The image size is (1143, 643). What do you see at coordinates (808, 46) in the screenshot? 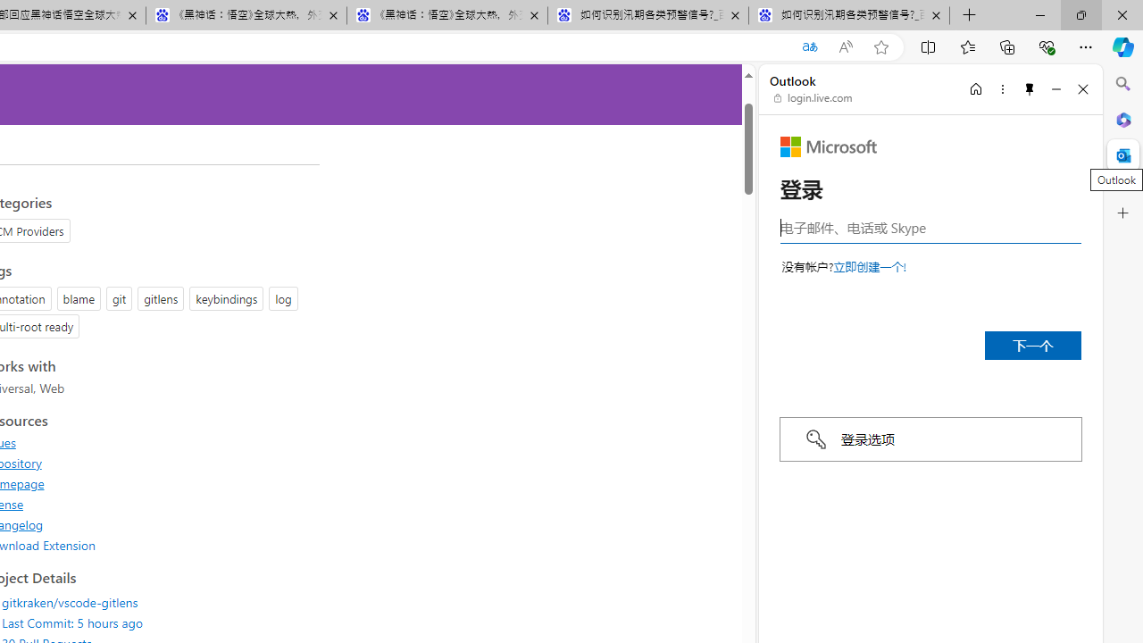
I see `'Translated'` at bounding box center [808, 46].